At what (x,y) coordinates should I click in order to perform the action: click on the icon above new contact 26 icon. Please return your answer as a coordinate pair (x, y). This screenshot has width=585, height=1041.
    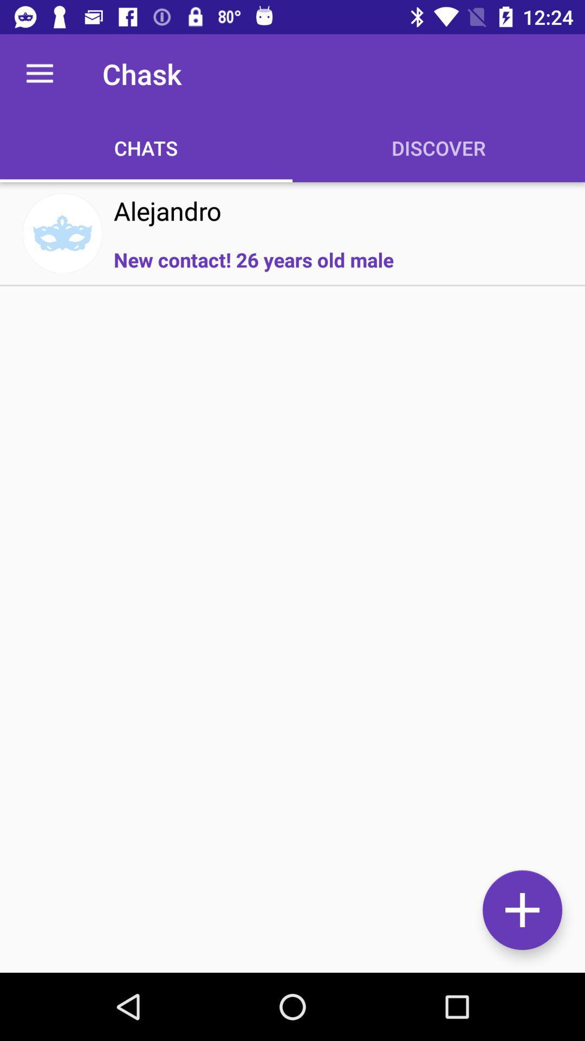
    Looking at the image, I should click on (167, 210).